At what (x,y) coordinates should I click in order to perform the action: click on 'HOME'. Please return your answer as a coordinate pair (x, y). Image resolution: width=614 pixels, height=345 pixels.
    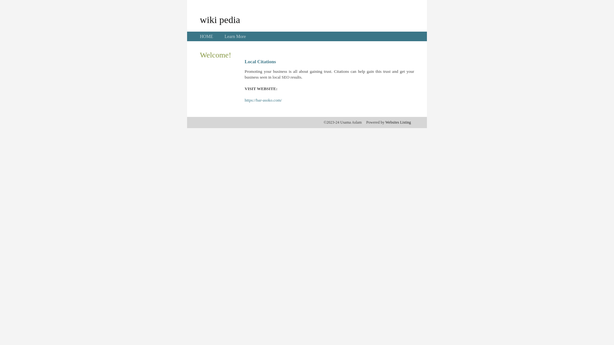
    Looking at the image, I should click on (206, 36).